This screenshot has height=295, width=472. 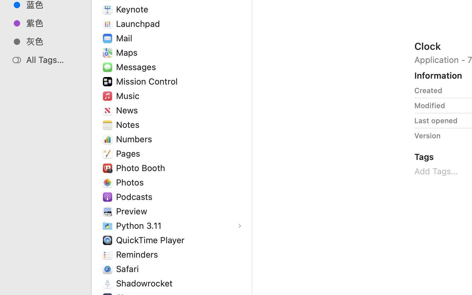 I want to click on 'Photos', so click(x=131, y=182).